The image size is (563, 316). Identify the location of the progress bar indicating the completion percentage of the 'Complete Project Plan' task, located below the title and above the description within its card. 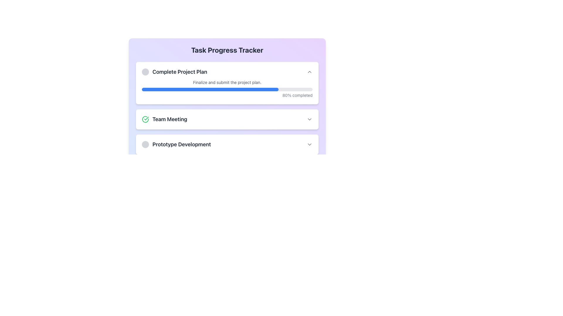
(227, 92).